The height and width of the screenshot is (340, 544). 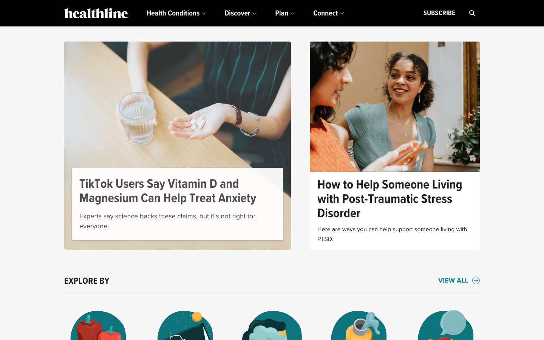 What do you see at coordinates (439, 13) in the screenshot?
I see `Enroll for the healthline newsletter subscription` at bounding box center [439, 13].